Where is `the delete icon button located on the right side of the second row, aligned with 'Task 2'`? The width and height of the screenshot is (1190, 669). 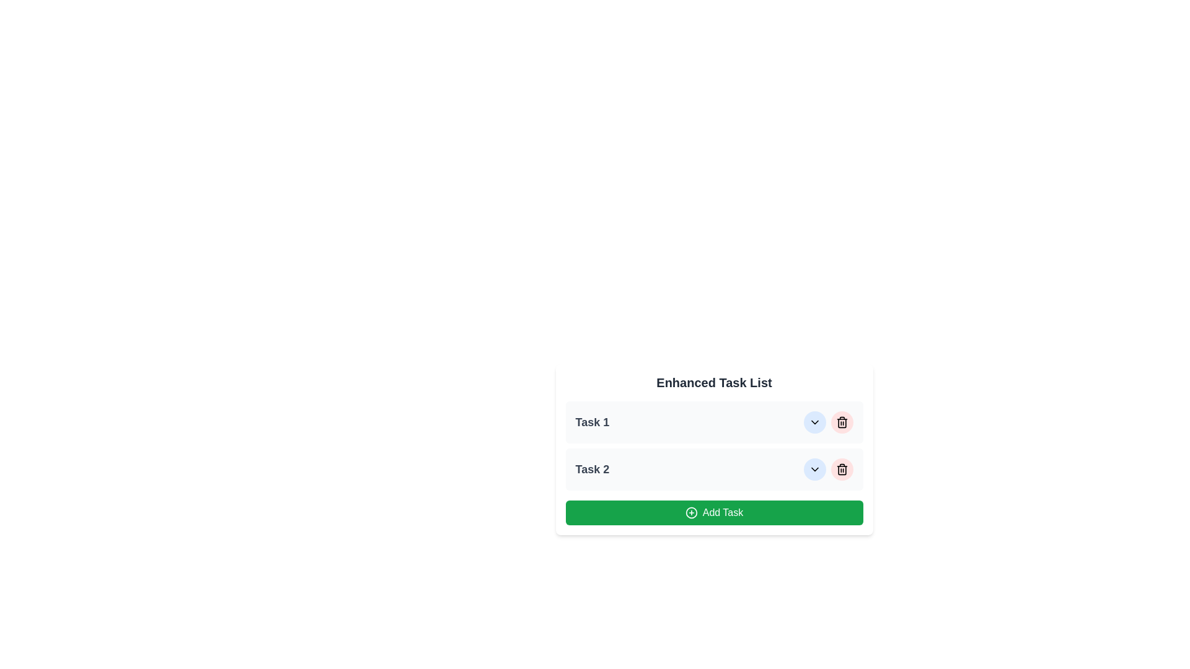 the delete icon button located on the right side of the second row, aligned with 'Task 2' is located at coordinates (842, 470).